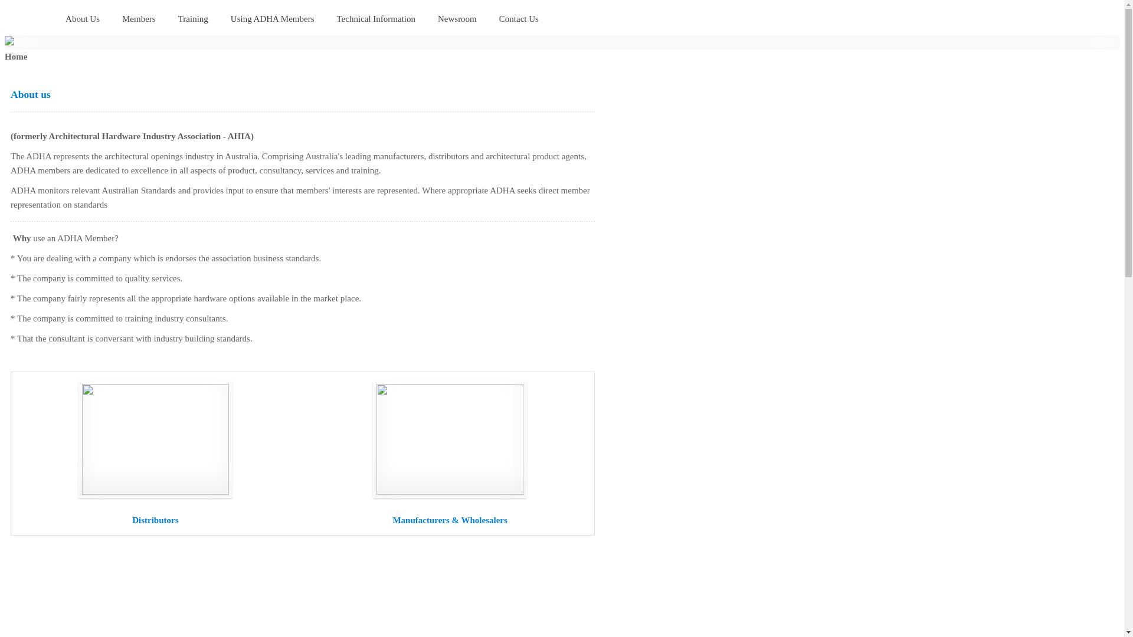 The height and width of the screenshot is (637, 1133). Describe the element at coordinates (272, 19) in the screenshot. I see `'Using ADHA Members'` at that location.